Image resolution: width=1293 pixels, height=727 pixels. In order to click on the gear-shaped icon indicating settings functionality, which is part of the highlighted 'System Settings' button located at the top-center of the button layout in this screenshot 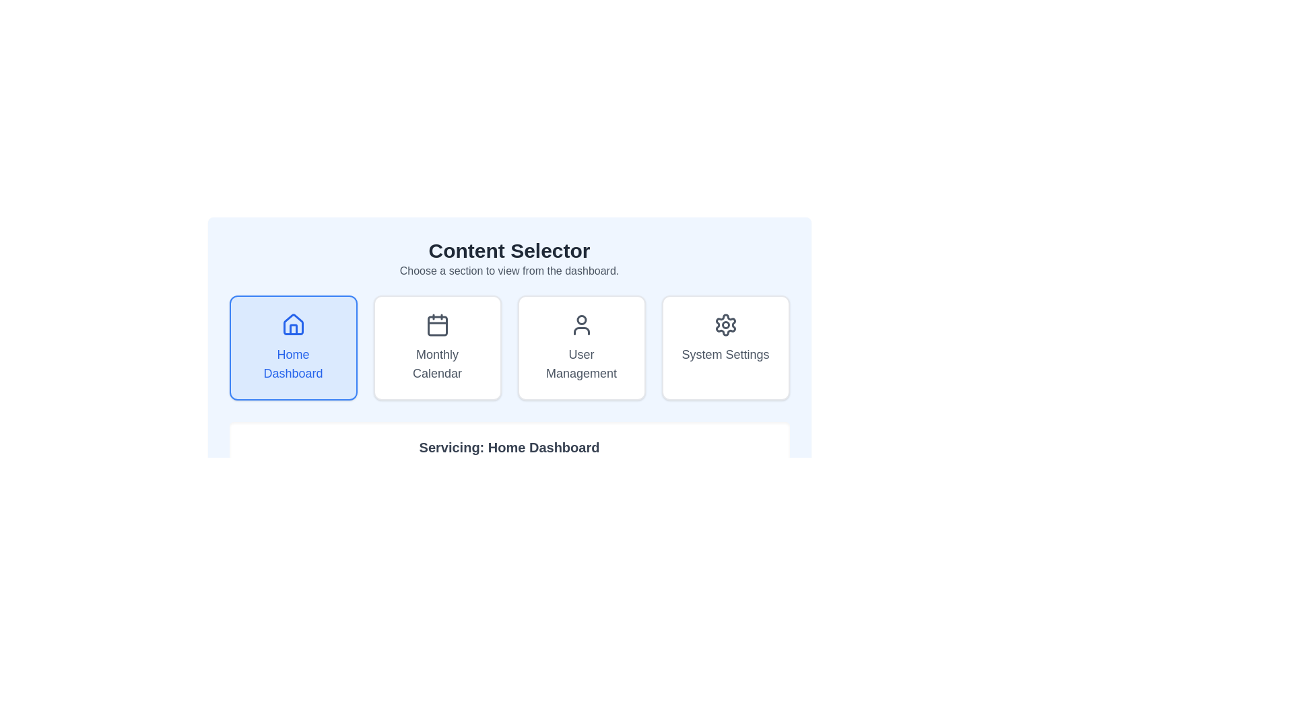, I will do `click(725, 324)`.